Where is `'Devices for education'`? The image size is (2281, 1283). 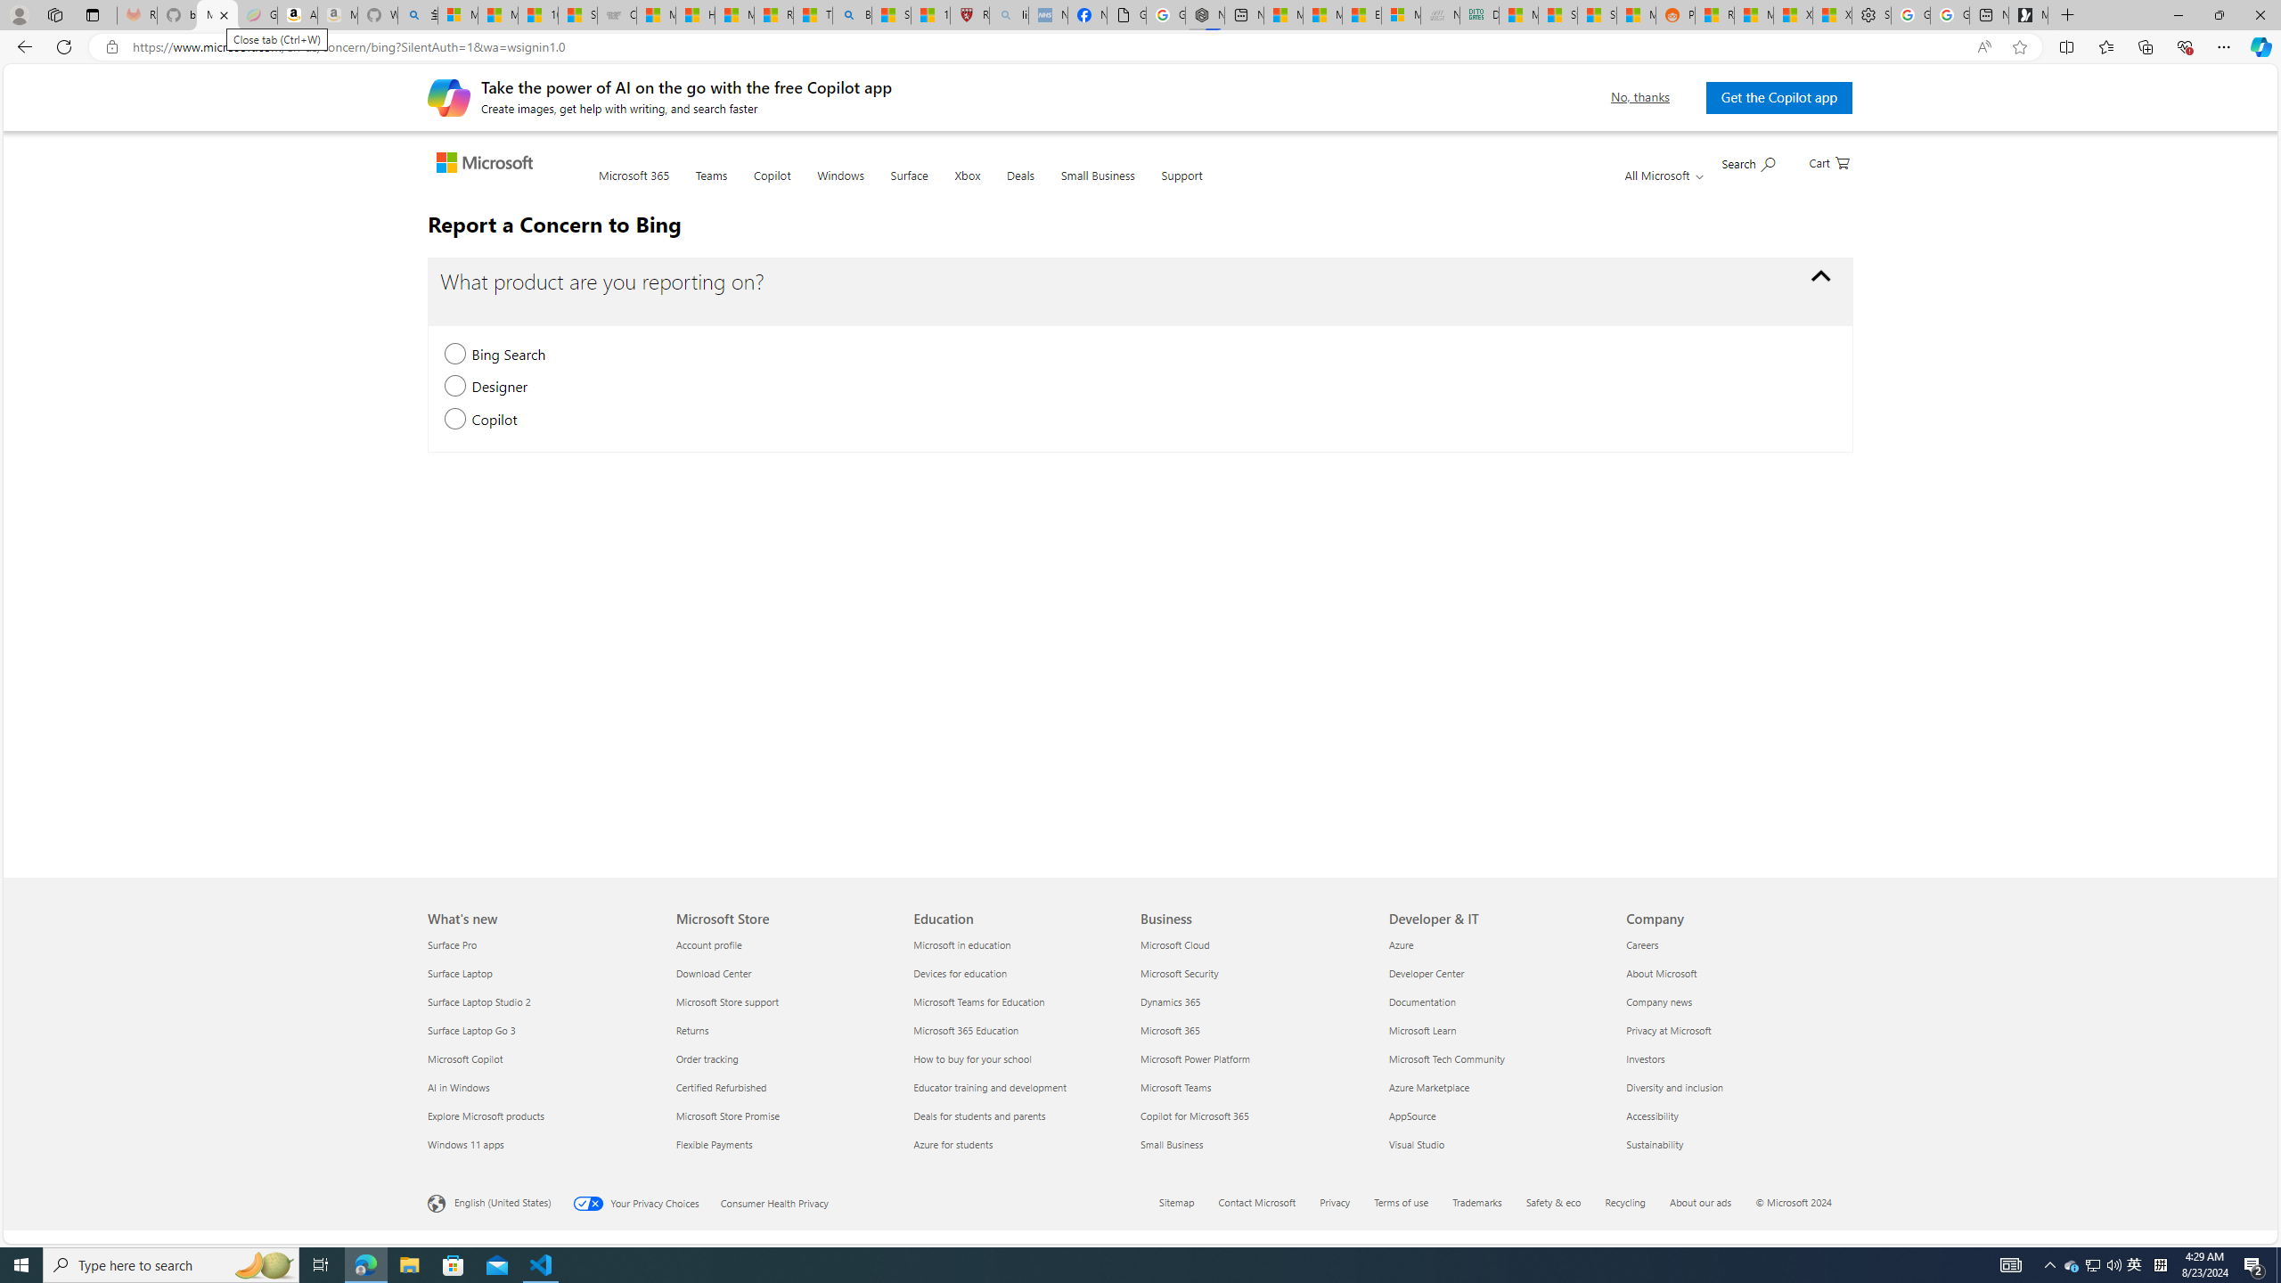 'Devices for education' is located at coordinates (1020, 972).